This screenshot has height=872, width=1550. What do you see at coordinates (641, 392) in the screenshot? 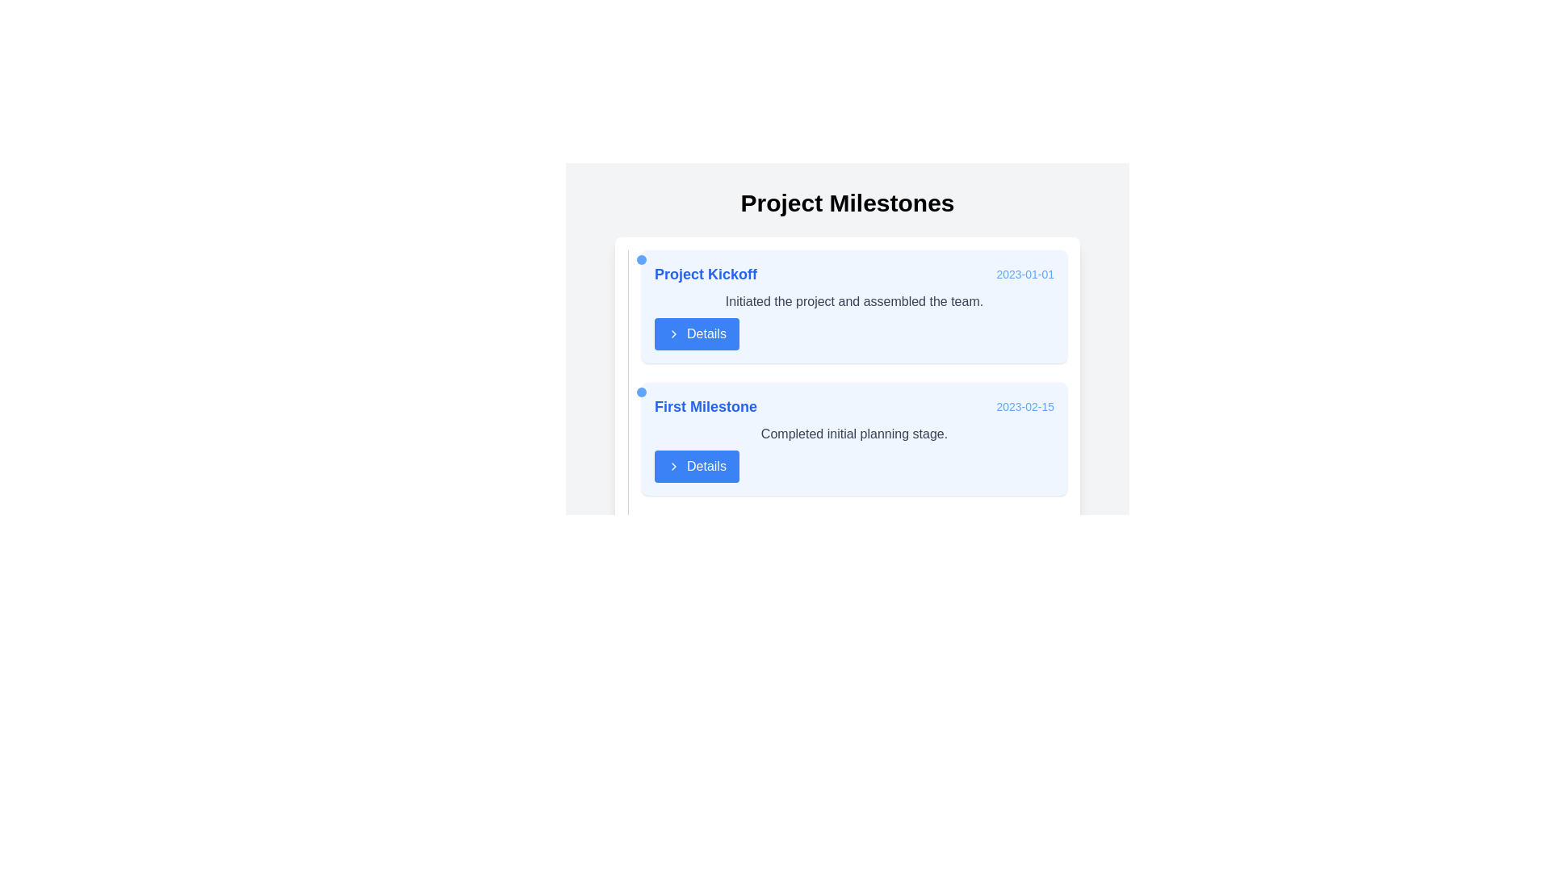
I see `the small blue circular dot indicator located to the left of the 'First Milestone' heading in the 'Project Milestones' section` at bounding box center [641, 392].